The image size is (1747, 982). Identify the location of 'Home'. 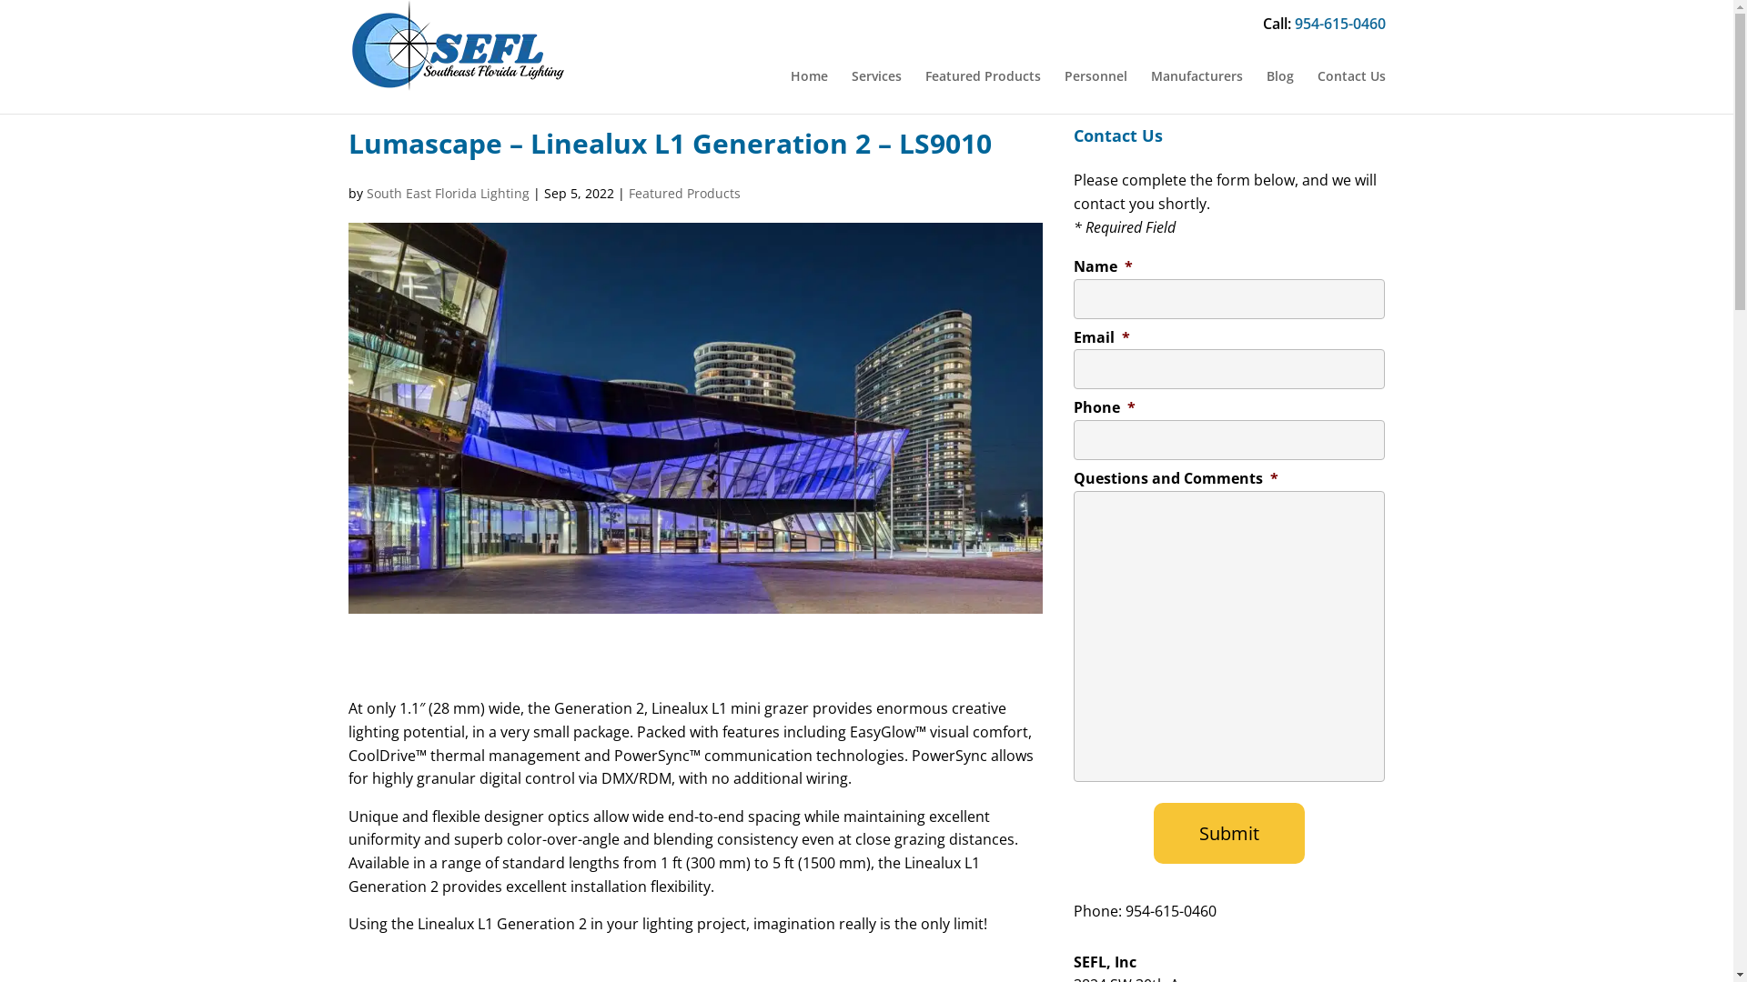
(807, 75).